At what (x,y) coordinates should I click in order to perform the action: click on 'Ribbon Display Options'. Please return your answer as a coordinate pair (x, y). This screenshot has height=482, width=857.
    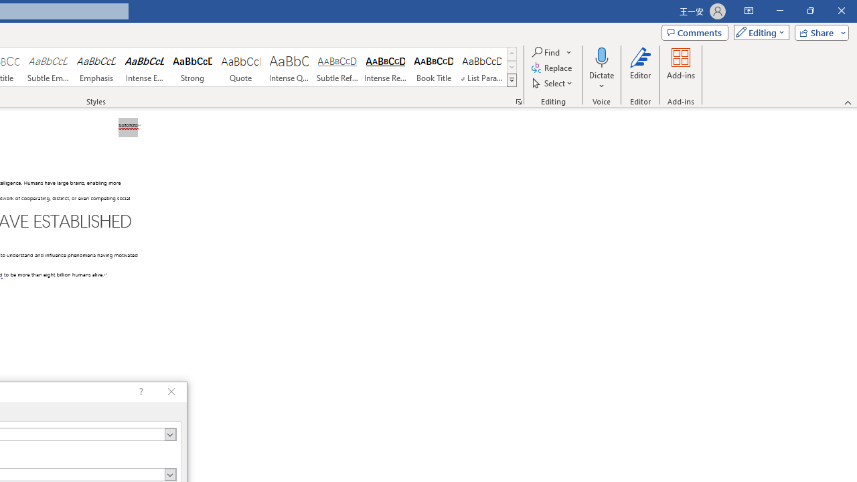
    Looking at the image, I should click on (748, 11).